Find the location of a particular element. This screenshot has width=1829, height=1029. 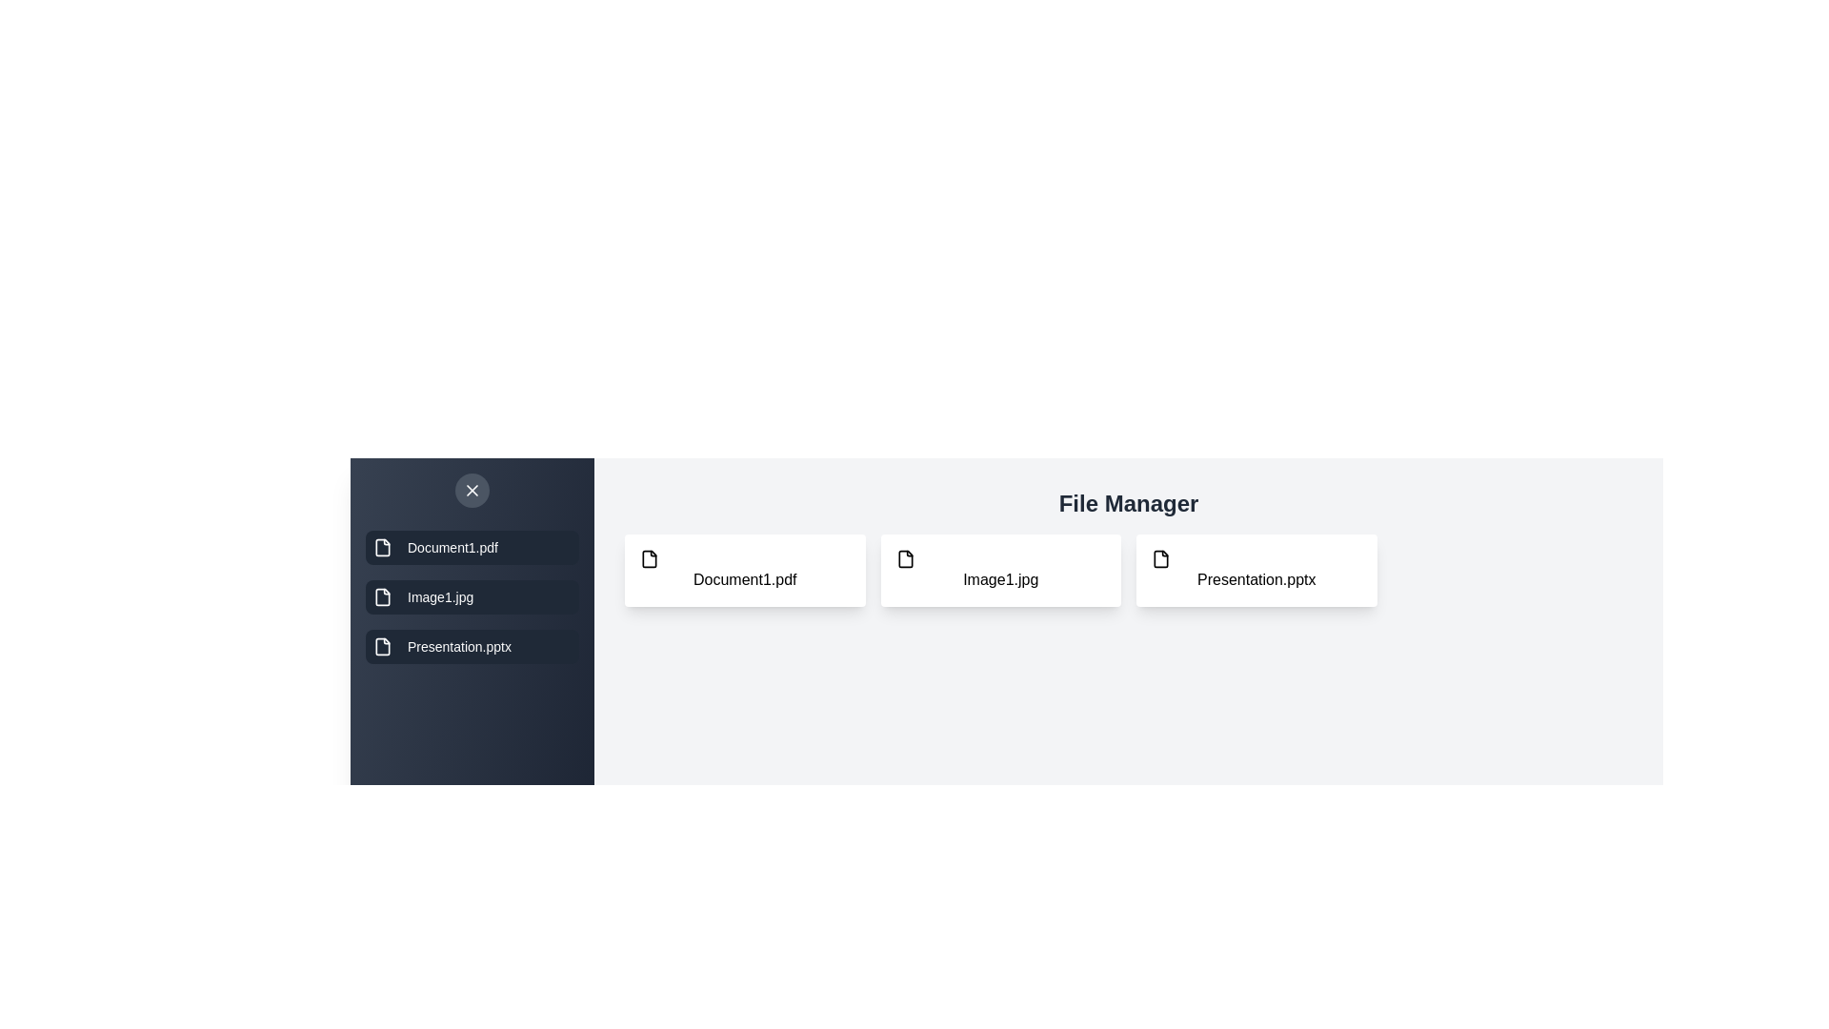

the file icon corresponding to Image1.jpg to inspect it is located at coordinates (1000, 569).